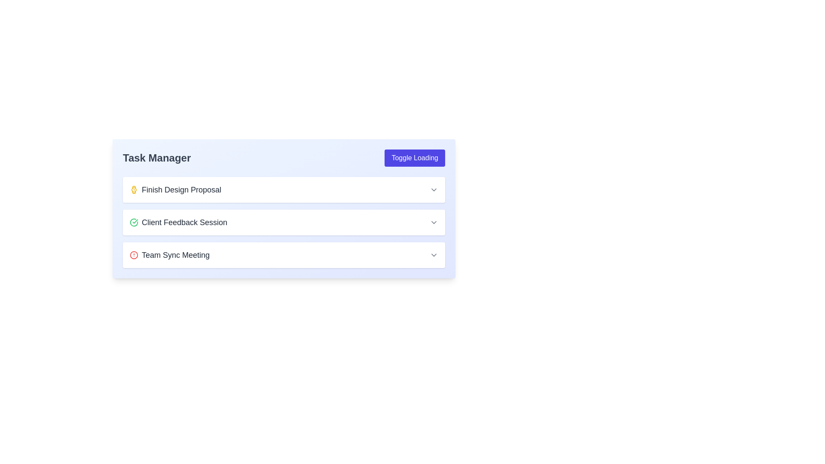 The width and height of the screenshot is (825, 464). What do you see at coordinates (184, 222) in the screenshot?
I see `text label 'Client Feedback Session' located under 'Task Manager', positioned between 'Finish Design Proposal' and 'Team Sync Meeting', to the right of a green circular checkmark icon` at bounding box center [184, 222].